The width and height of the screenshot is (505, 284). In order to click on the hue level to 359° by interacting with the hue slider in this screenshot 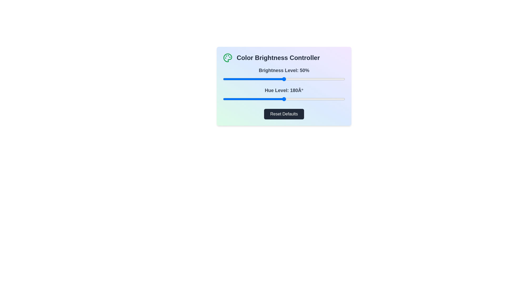, I will do `click(345, 99)`.